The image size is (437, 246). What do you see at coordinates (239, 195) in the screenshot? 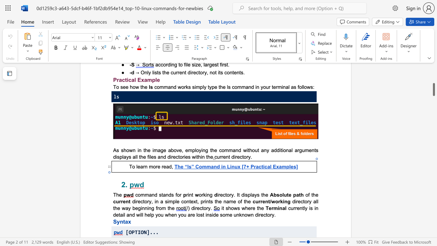
I see `the 2th character "t" in the text` at bounding box center [239, 195].